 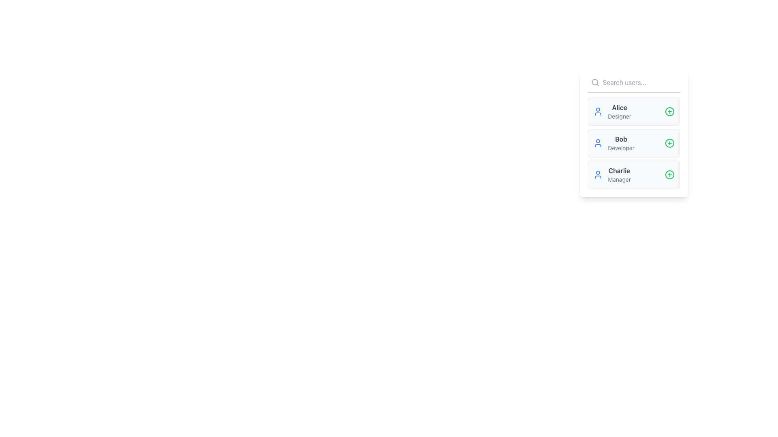 I want to click on the search icon (magnifying glass) located to the left of the 'Search users...' text input field, so click(x=595, y=83).